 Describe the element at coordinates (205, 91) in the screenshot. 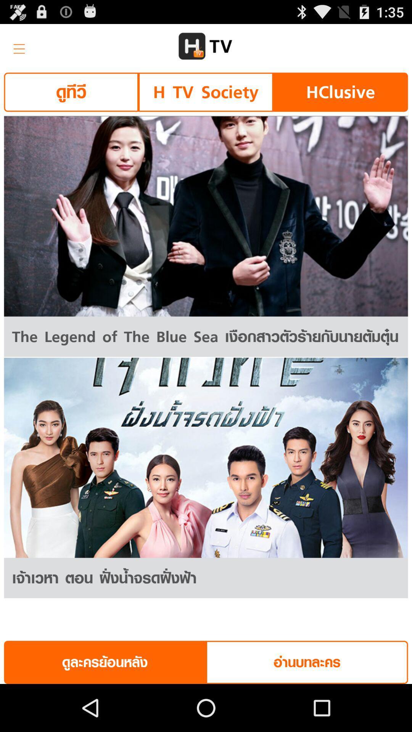

I see `h tv society` at that location.